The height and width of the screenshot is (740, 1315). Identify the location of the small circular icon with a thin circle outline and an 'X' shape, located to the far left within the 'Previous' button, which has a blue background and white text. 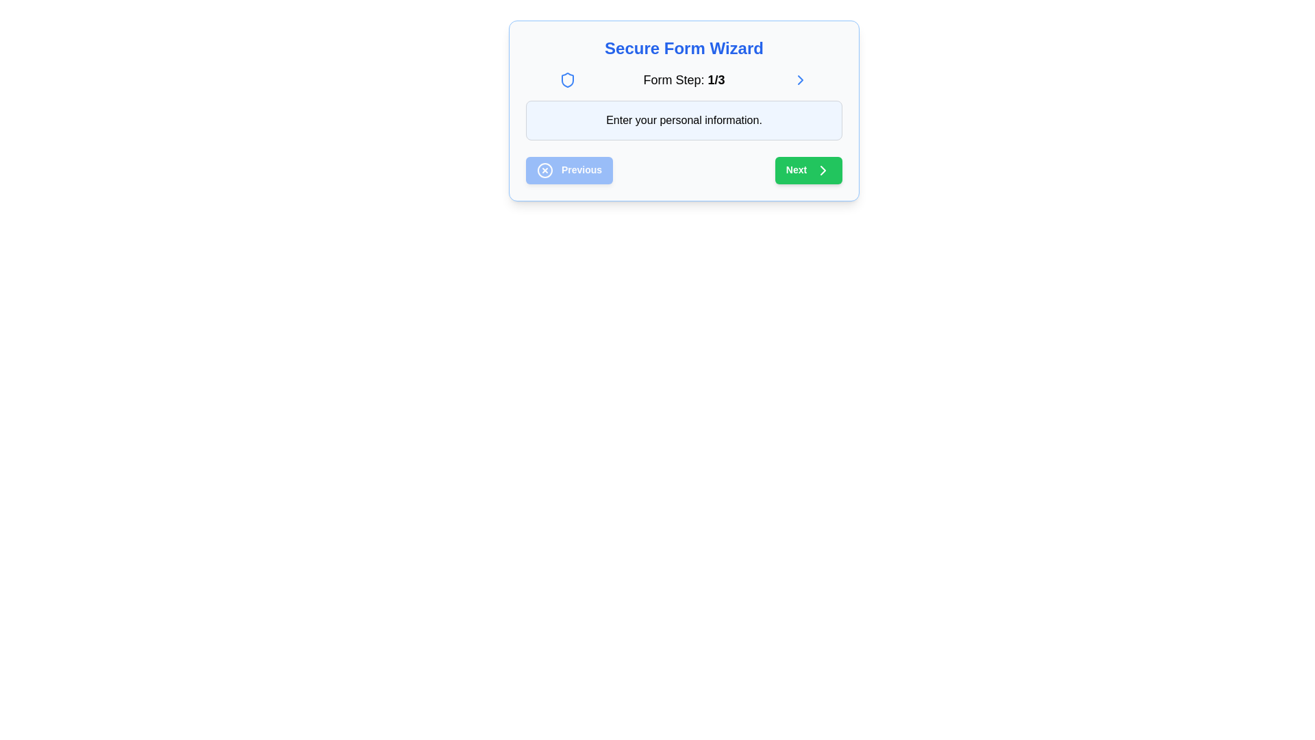
(544, 170).